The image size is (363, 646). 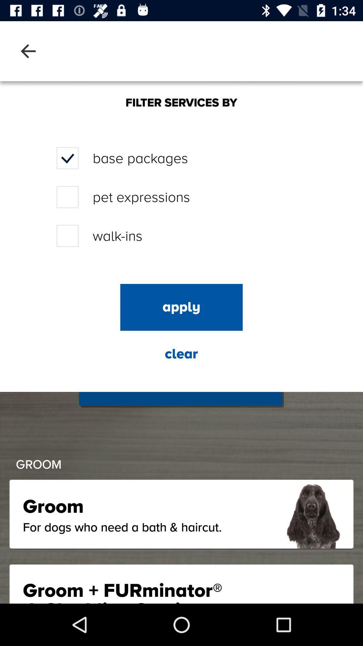 I want to click on the icon above the clear icon, so click(x=182, y=307).